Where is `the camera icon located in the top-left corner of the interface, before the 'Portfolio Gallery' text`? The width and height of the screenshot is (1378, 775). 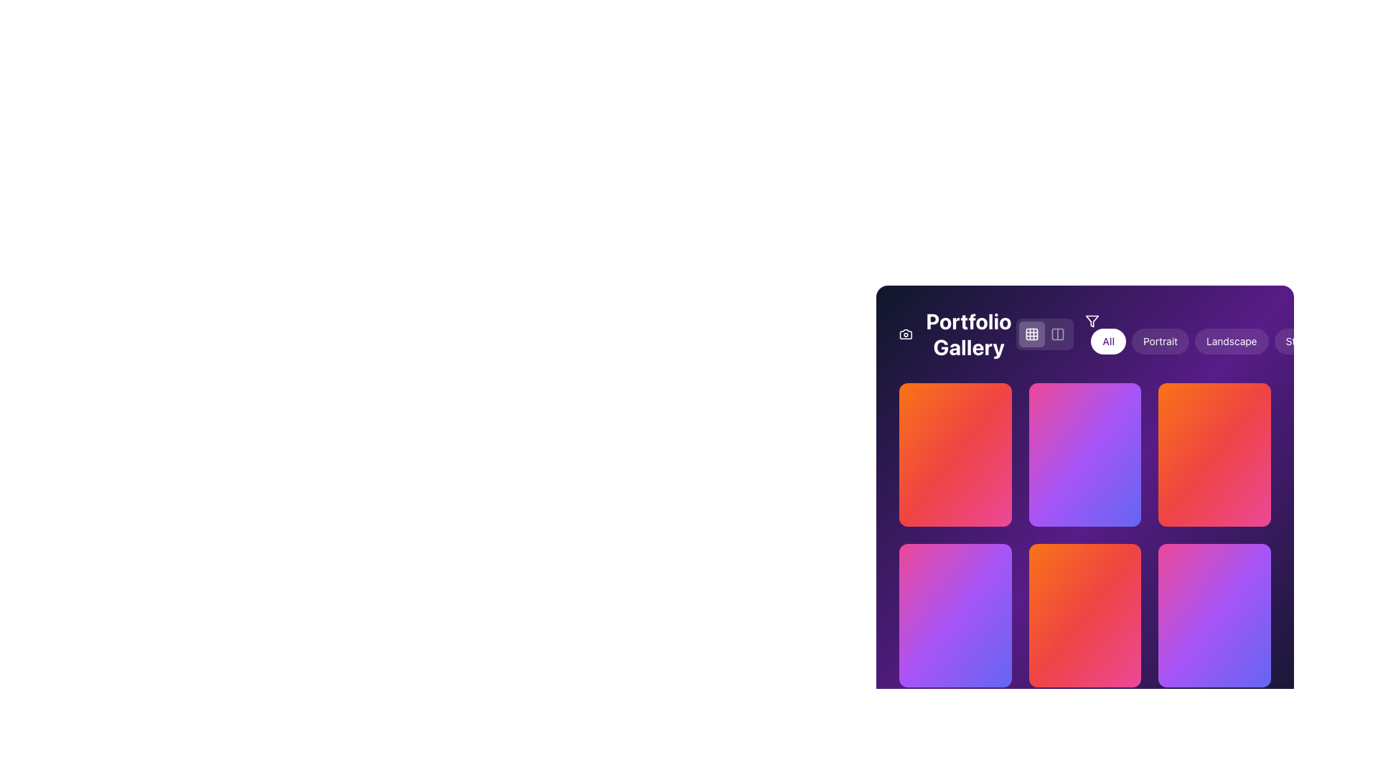 the camera icon located in the top-left corner of the interface, before the 'Portfolio Gallery' text is located at coordinates (905, 334).